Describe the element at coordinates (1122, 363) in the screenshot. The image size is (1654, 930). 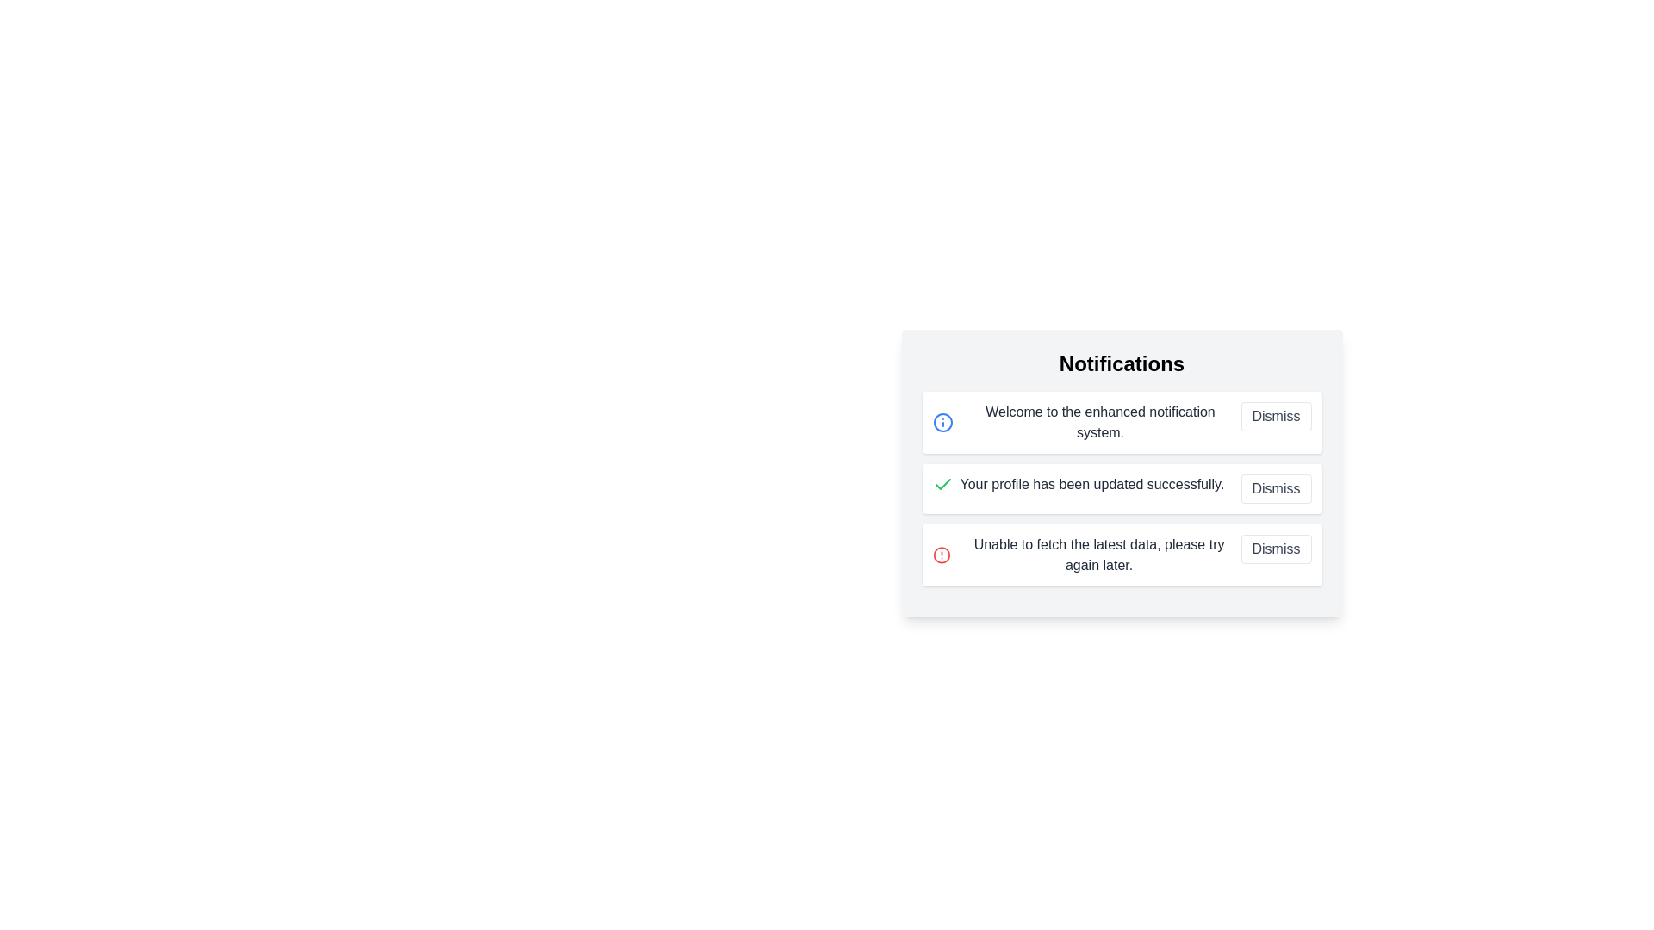
I see `text displayed in the 'Notifications' element, which is prominently shown in a bold, large font at the top of the notification panel` at that location.